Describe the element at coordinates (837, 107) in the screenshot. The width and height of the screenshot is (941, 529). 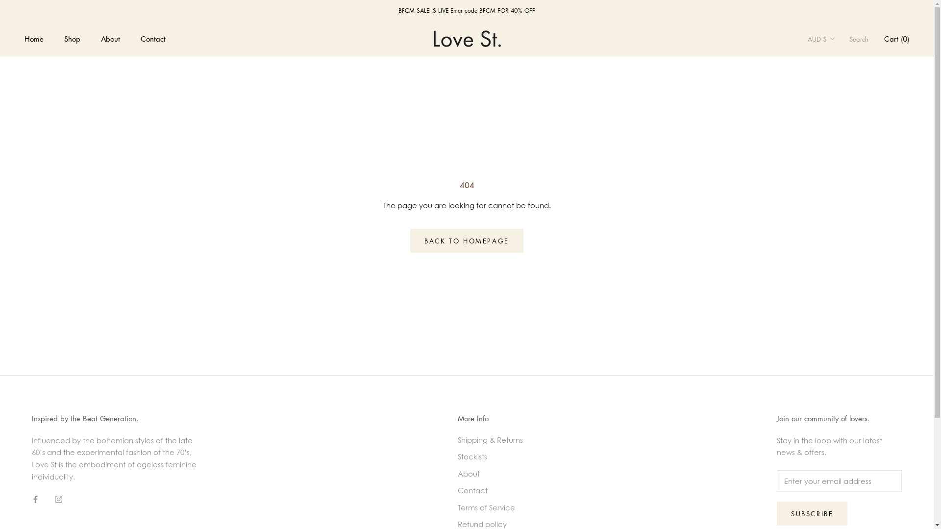
I see `'AMD'` at that location.